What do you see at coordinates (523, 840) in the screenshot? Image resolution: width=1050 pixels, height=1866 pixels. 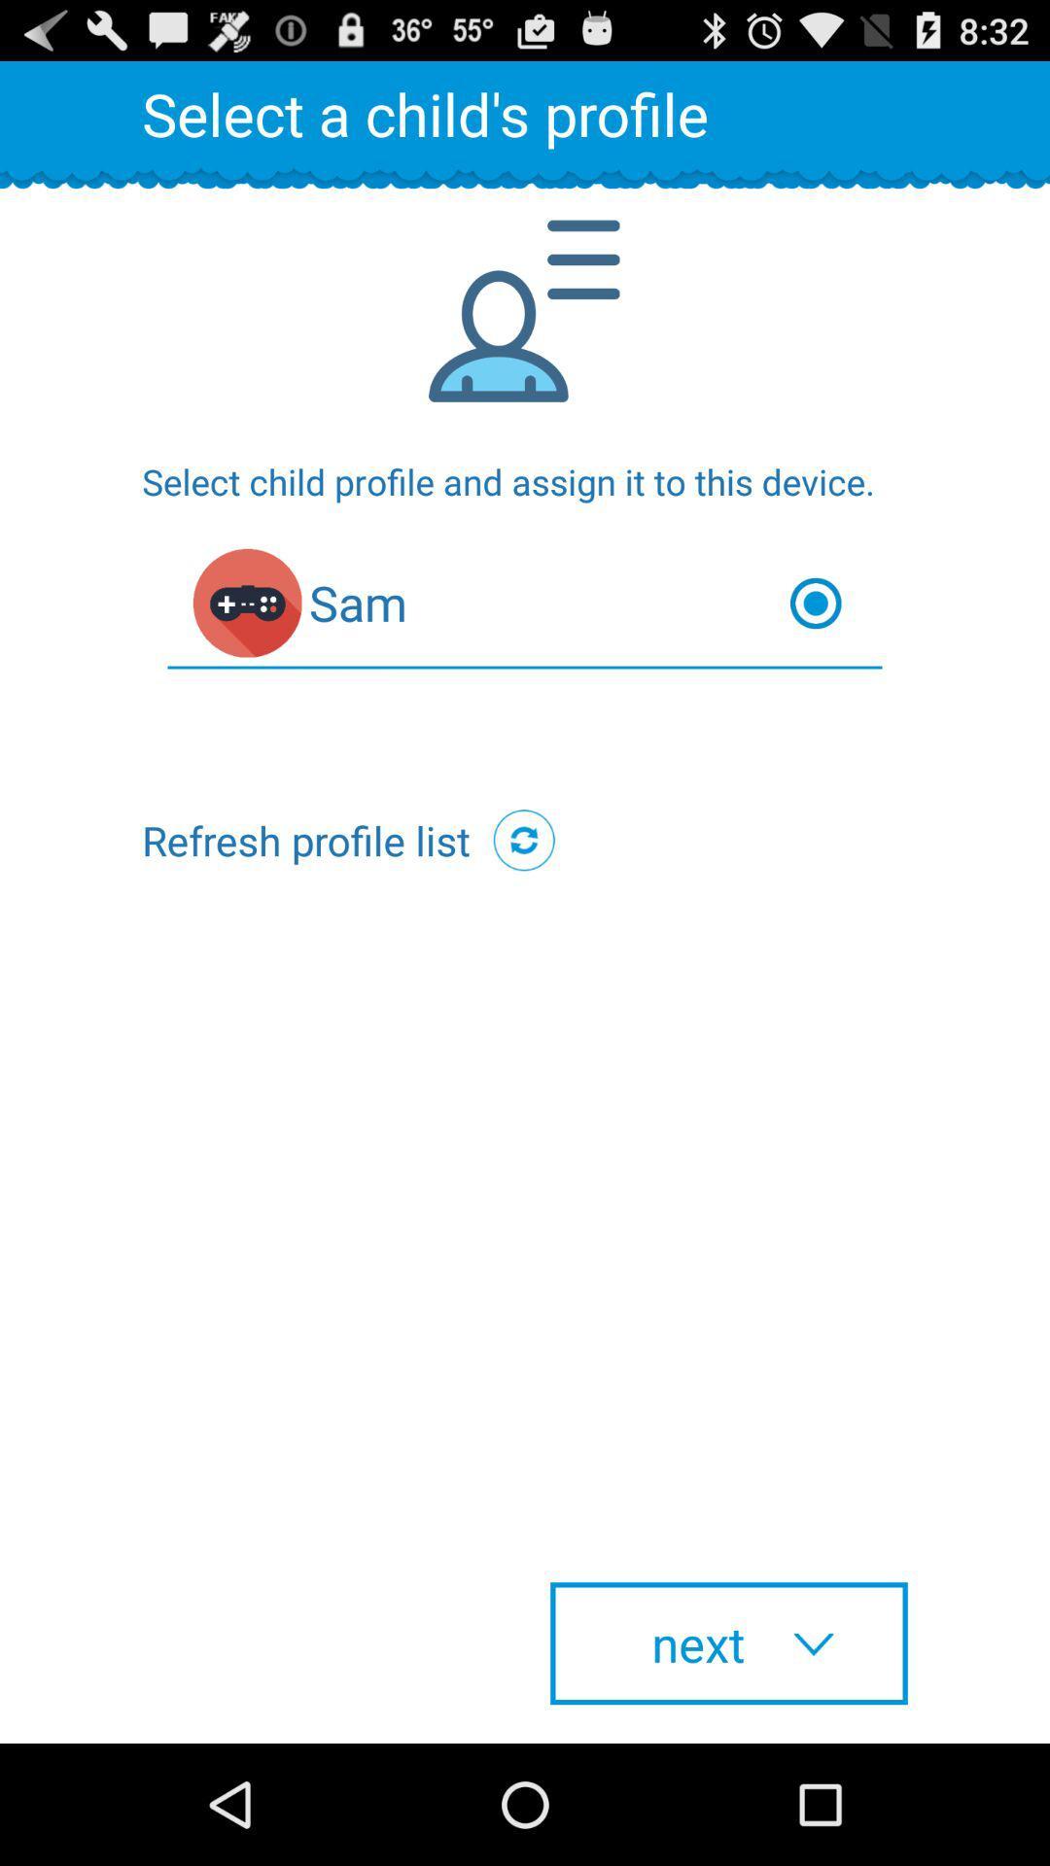 I see `the item above next` at bounding box center [523, 840].